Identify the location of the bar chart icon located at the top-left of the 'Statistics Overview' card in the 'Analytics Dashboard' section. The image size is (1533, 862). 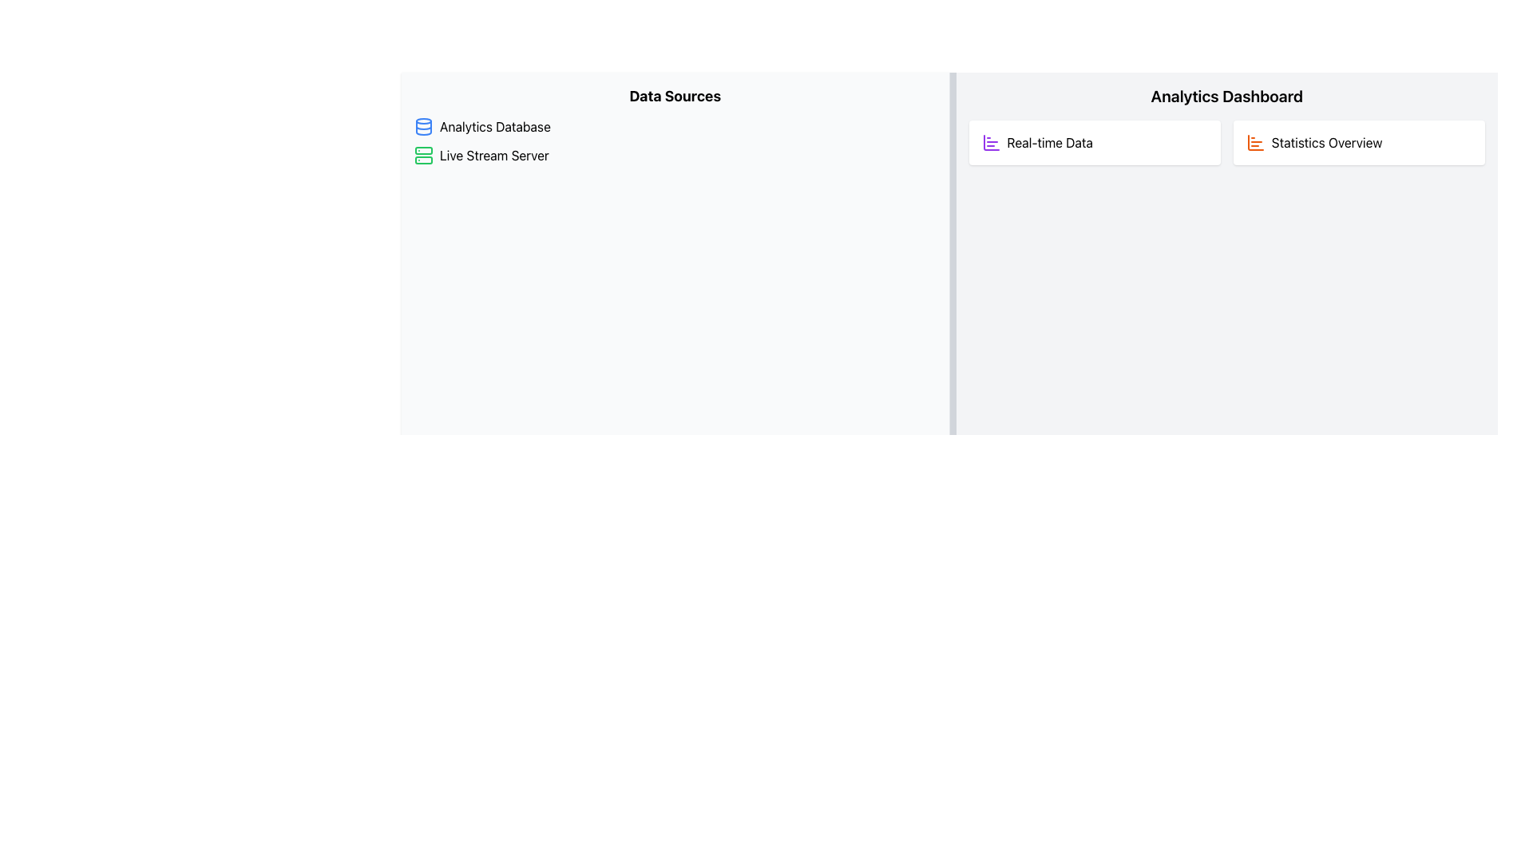
(1254, 141).